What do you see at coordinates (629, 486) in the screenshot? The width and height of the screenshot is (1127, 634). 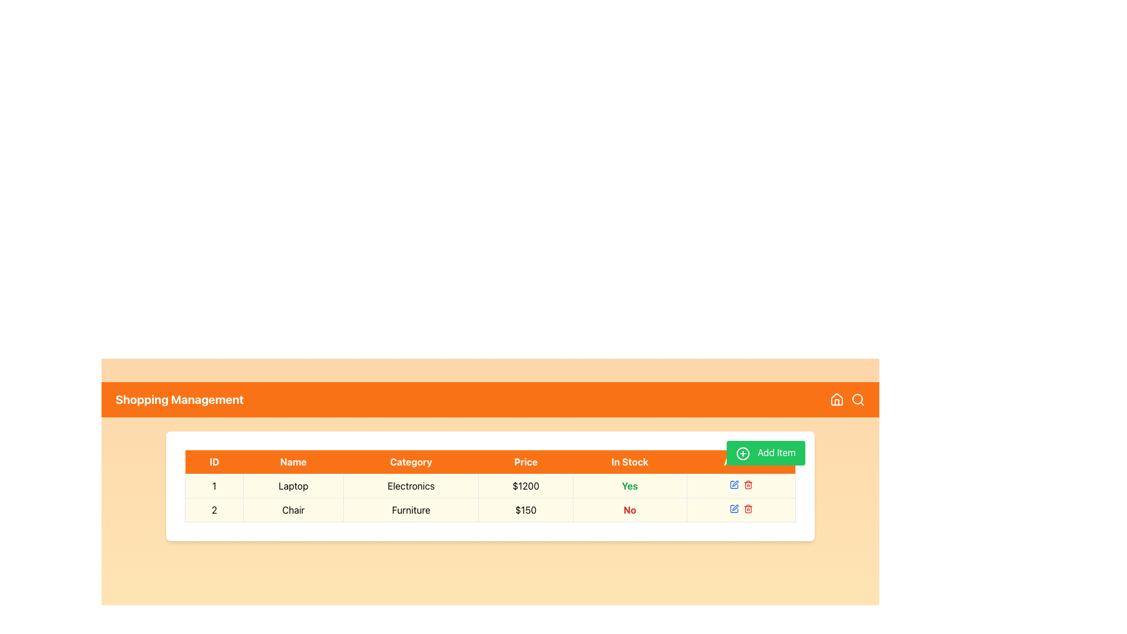 I see `the 'In Stock' text label indicating the product availability, located in the first row, fifth column of the table aligned with the 'Laptop' entry` at bounding box center [629, 486].